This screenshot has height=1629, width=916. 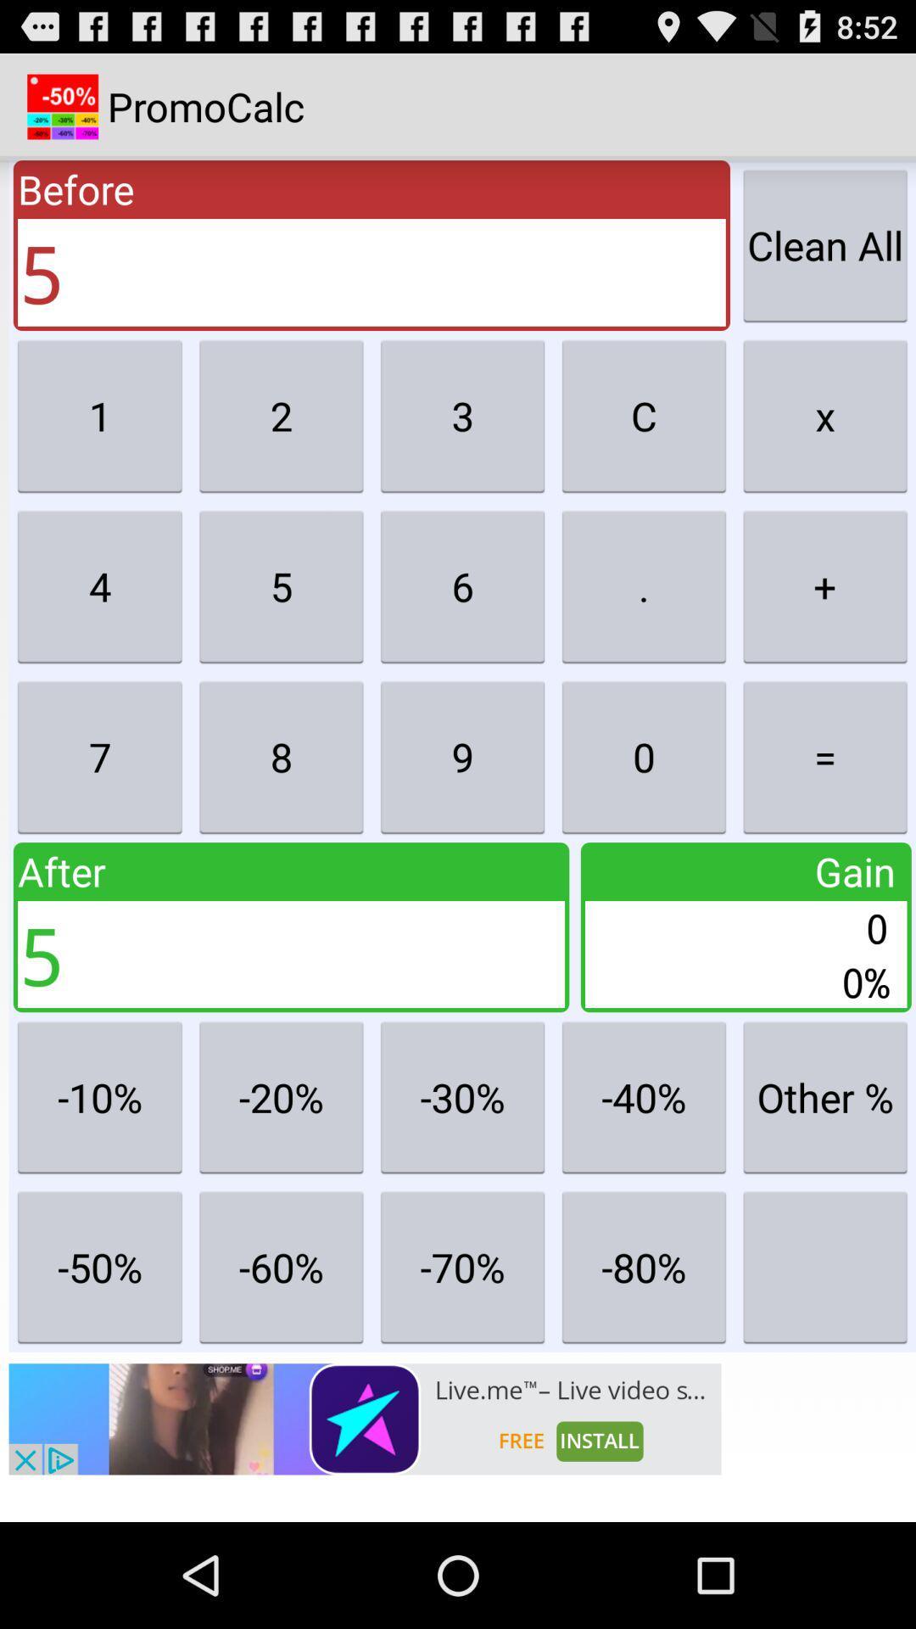 What do you see at coordinates (824, 1267) in the screenshot?
I see `empty box` at bounding box center [824, 1267].